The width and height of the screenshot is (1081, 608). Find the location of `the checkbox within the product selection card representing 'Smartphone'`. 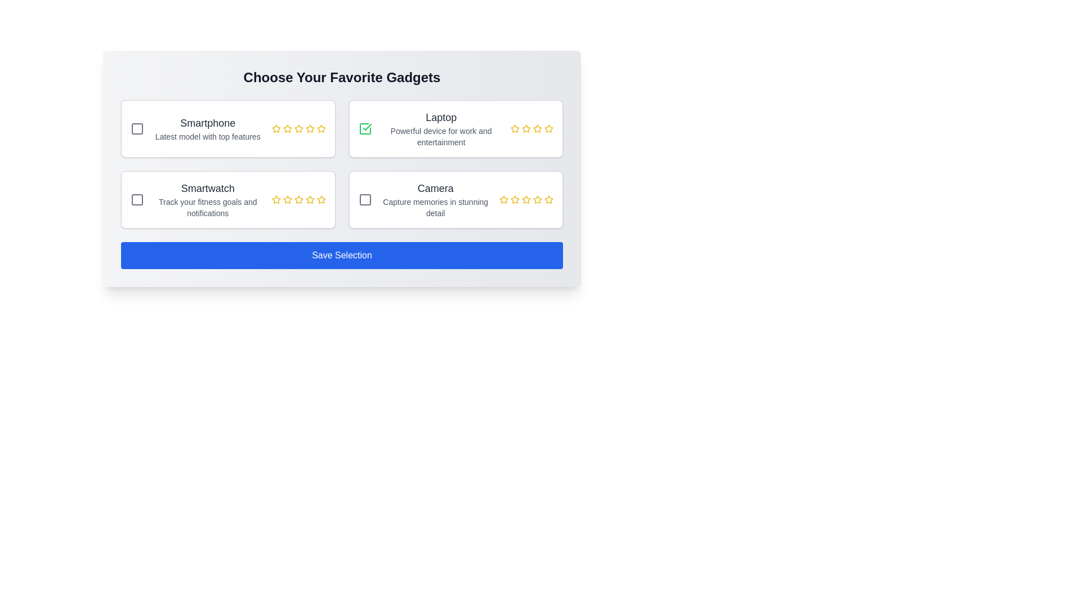

the checkbox within the product selection card representing 'Smartphone' is located at coordinates (227, 128).